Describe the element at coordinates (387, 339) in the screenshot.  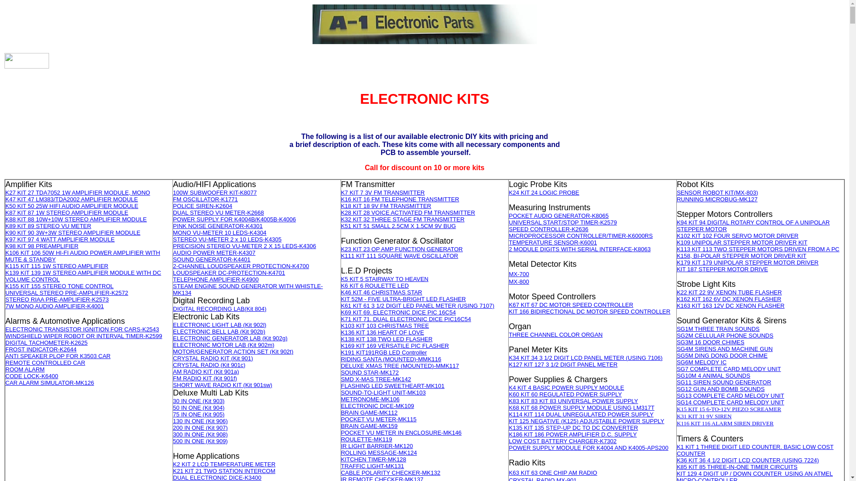
I see `'K138 KIT 138 TWO LED FLASHER'` at that location.